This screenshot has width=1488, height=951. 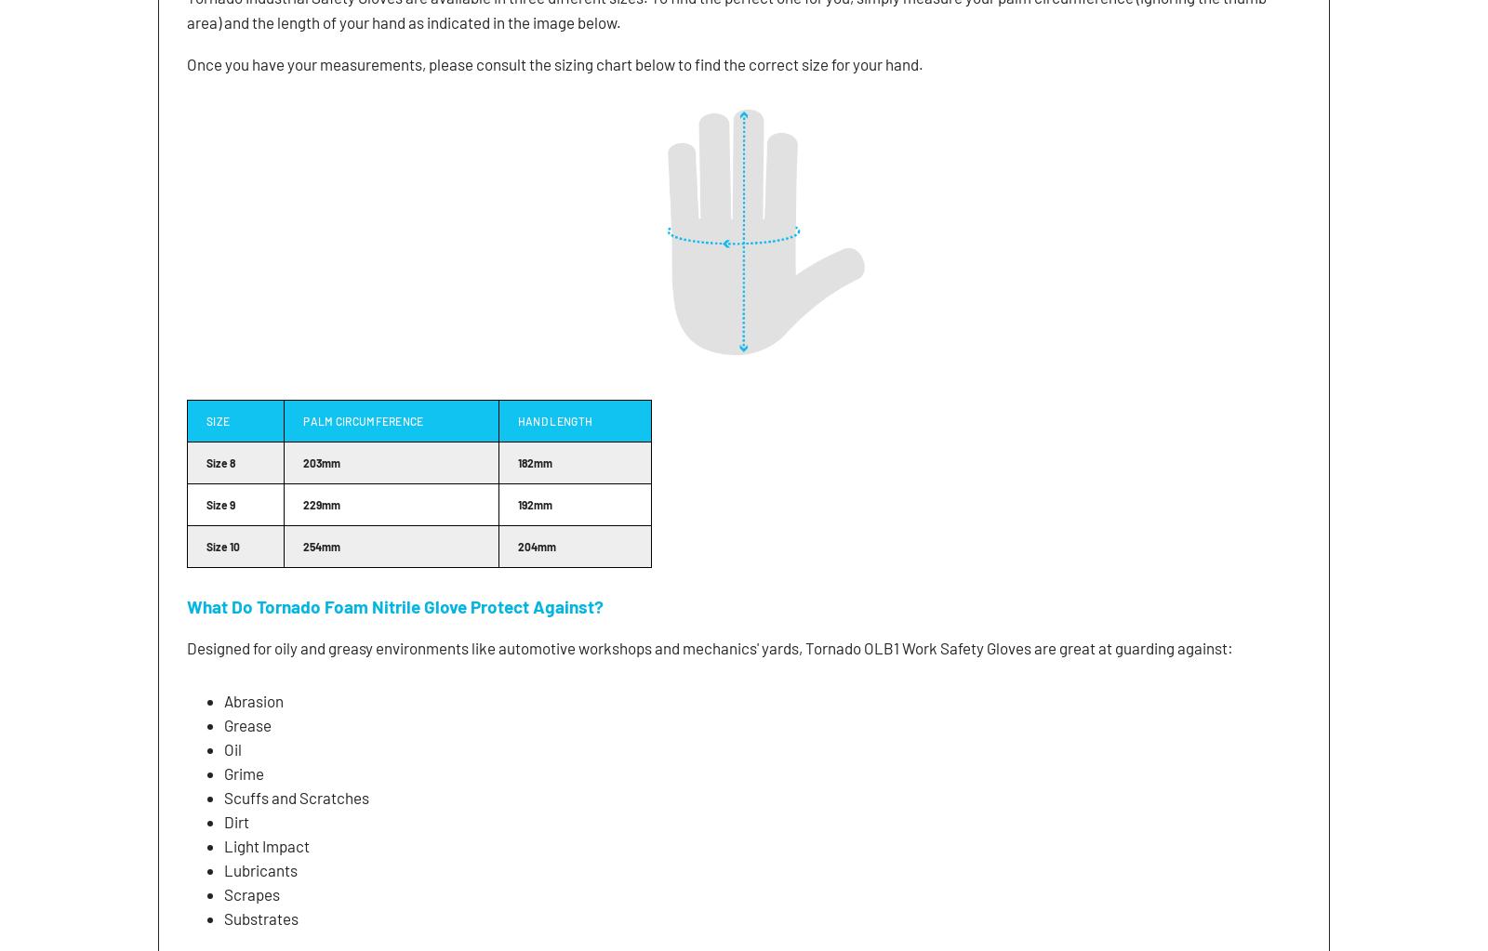 What do you see at coordinates (533, 502) in the screenshot?
I see `'192mm'` at bounding box center [533, 502].